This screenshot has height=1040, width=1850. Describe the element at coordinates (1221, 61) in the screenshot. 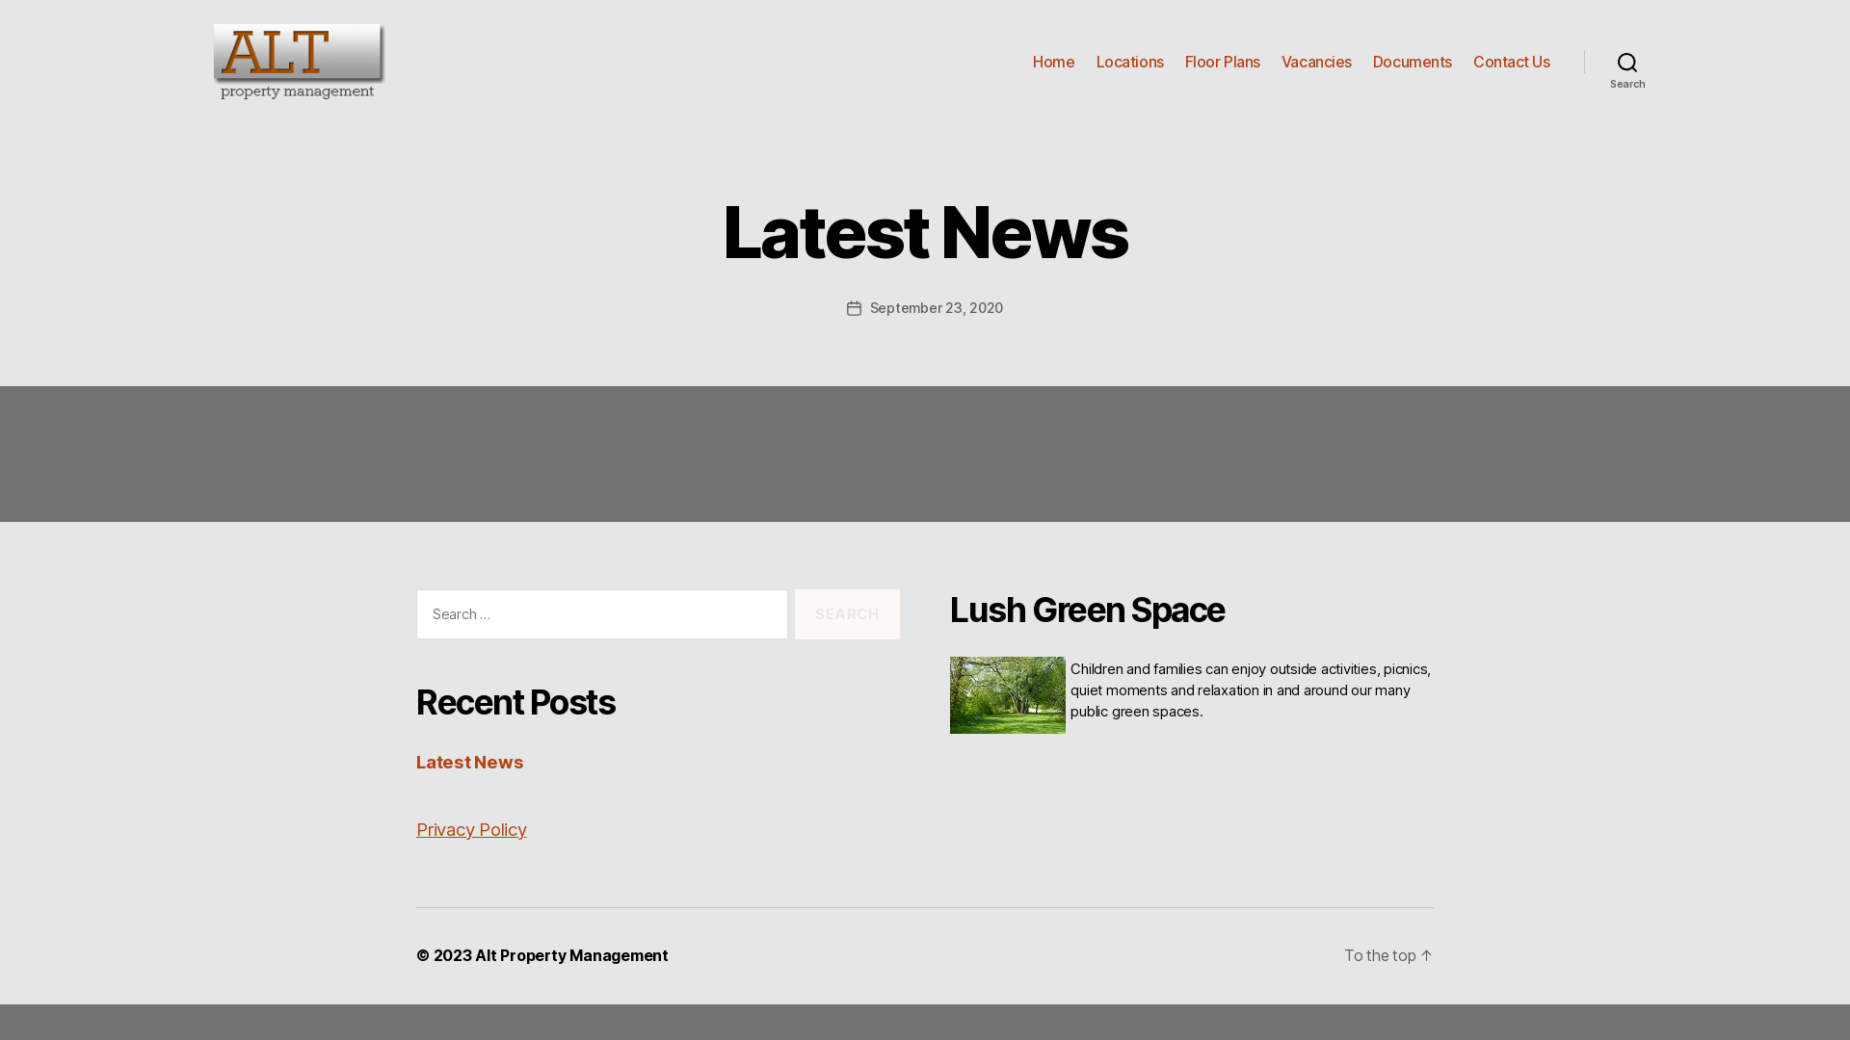

I see `'Floor Plans'` at that location.